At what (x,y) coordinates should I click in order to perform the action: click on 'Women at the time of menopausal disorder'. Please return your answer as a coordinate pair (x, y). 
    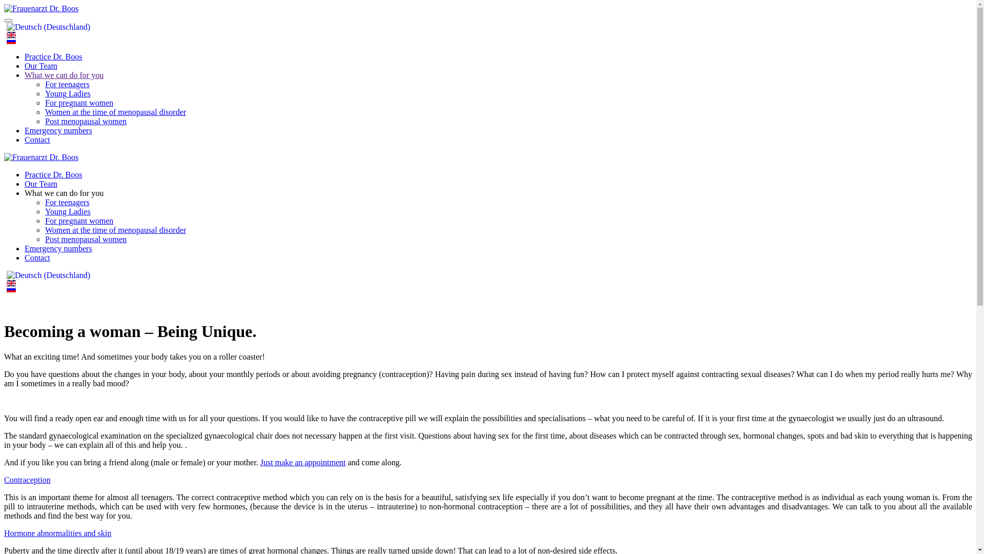
    Looking at the image, I should click on (115, 229).